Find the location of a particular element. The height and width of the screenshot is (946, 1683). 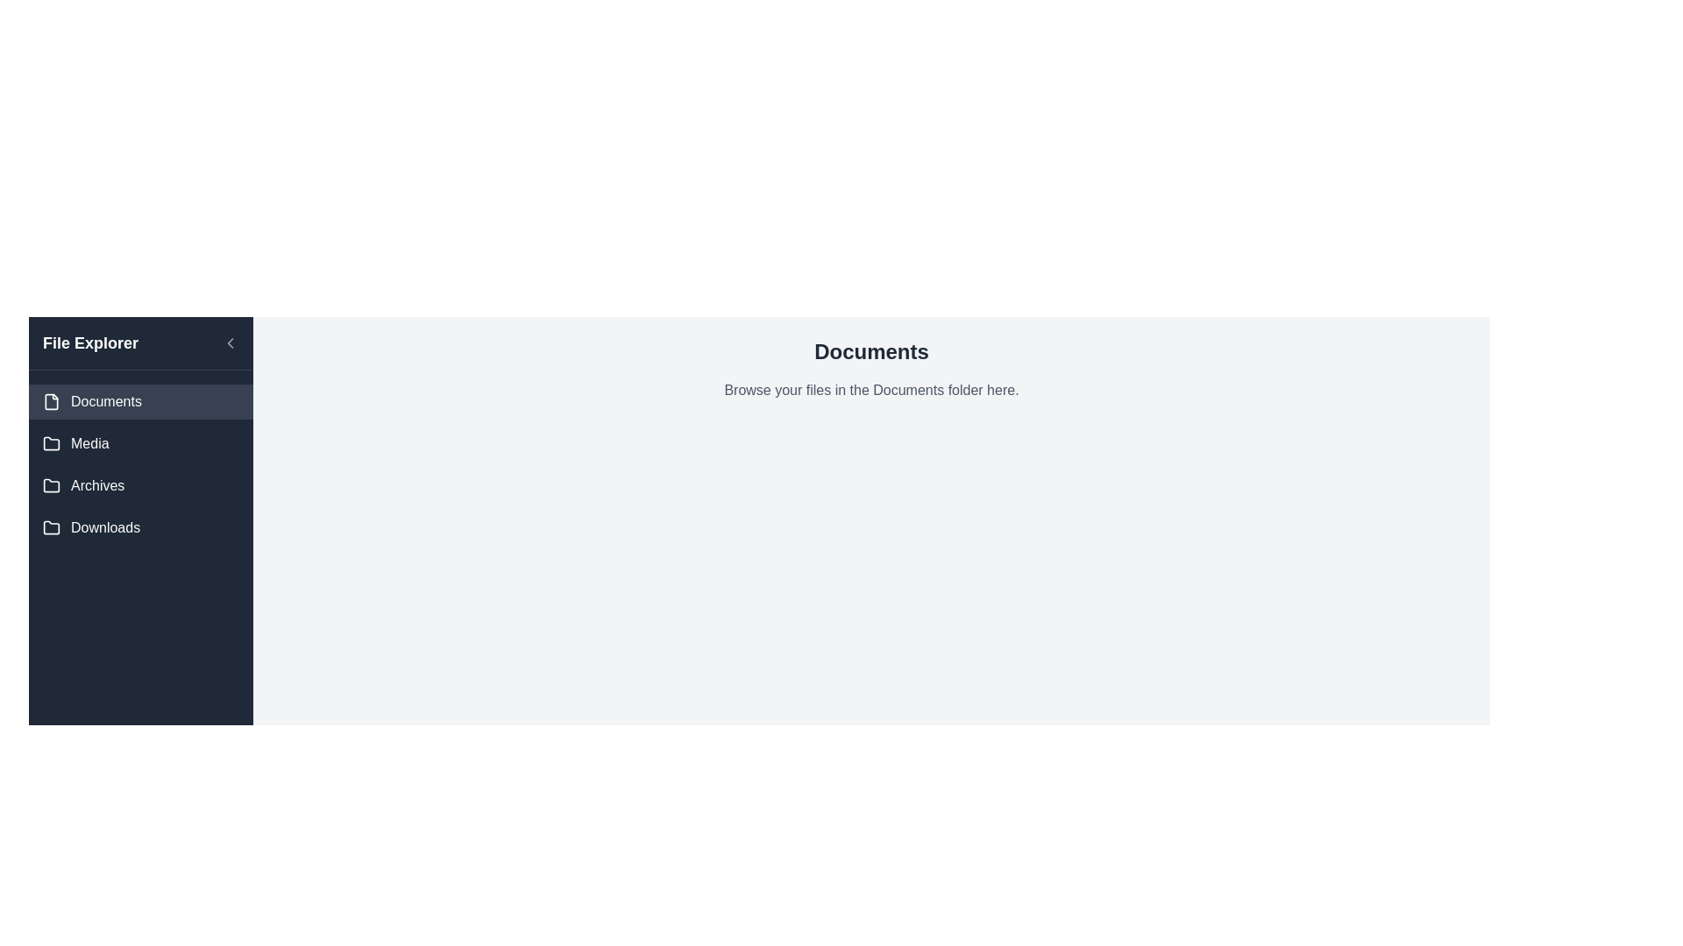

folder icon located to the left of the 'Downloads' label in the navigation menu is located at coordinates (51, 526).